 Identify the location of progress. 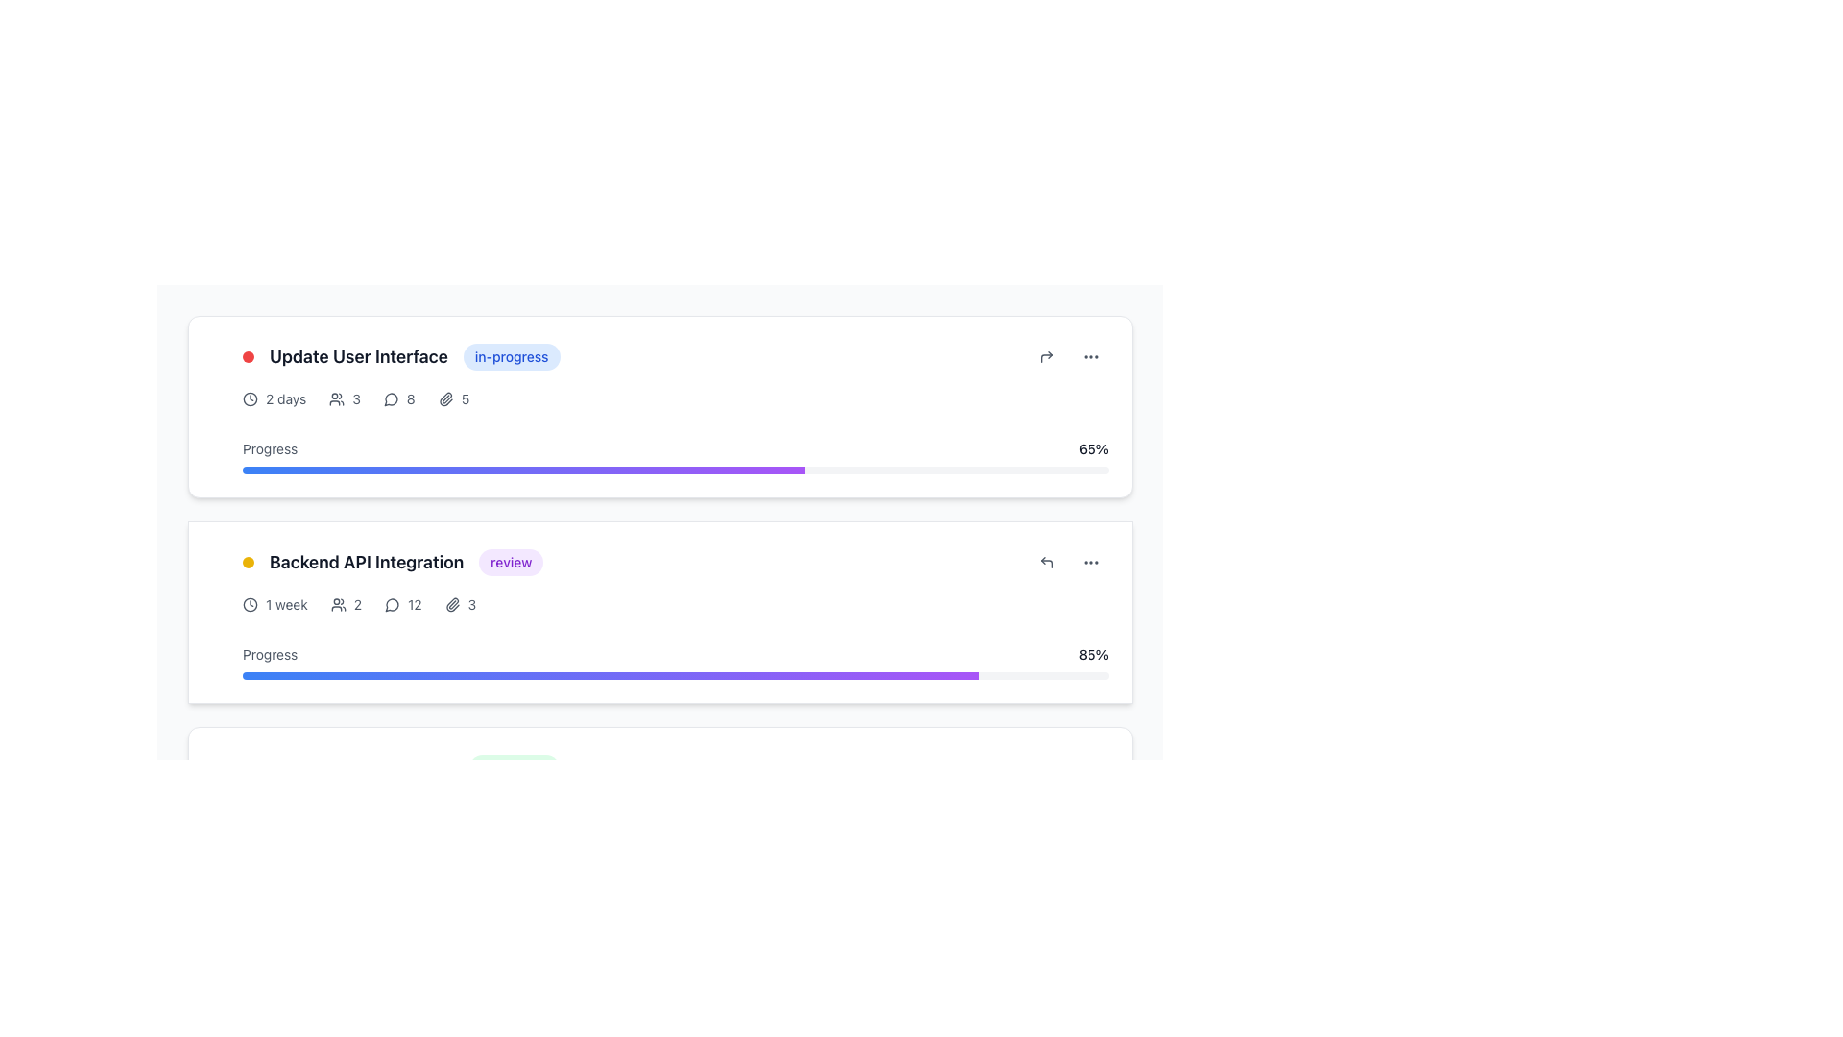
(653, 470).